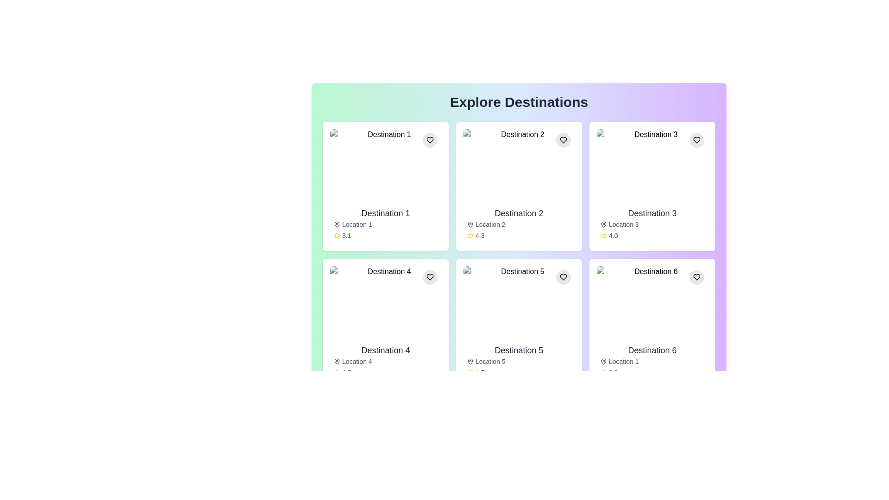  What do you see at coordinates (652, 360) in the screenshot?
I see `the informational card section located in the bottom-right corner of the grid, which provides details about a specific destination including its name, location, and rating` at bounding box center [652, 360].